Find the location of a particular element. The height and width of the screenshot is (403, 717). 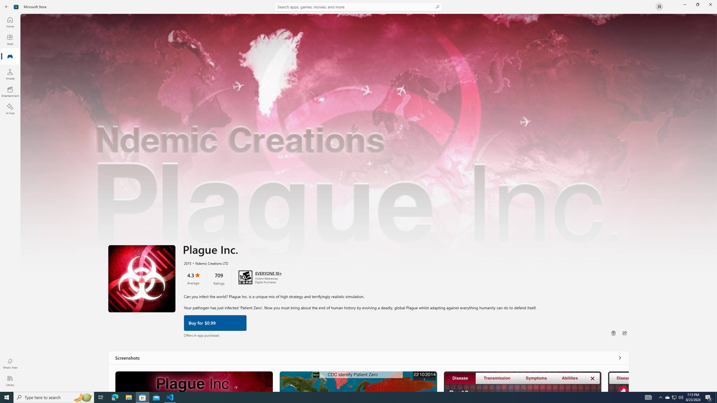

'Back' is located at coordinates (7, 6).